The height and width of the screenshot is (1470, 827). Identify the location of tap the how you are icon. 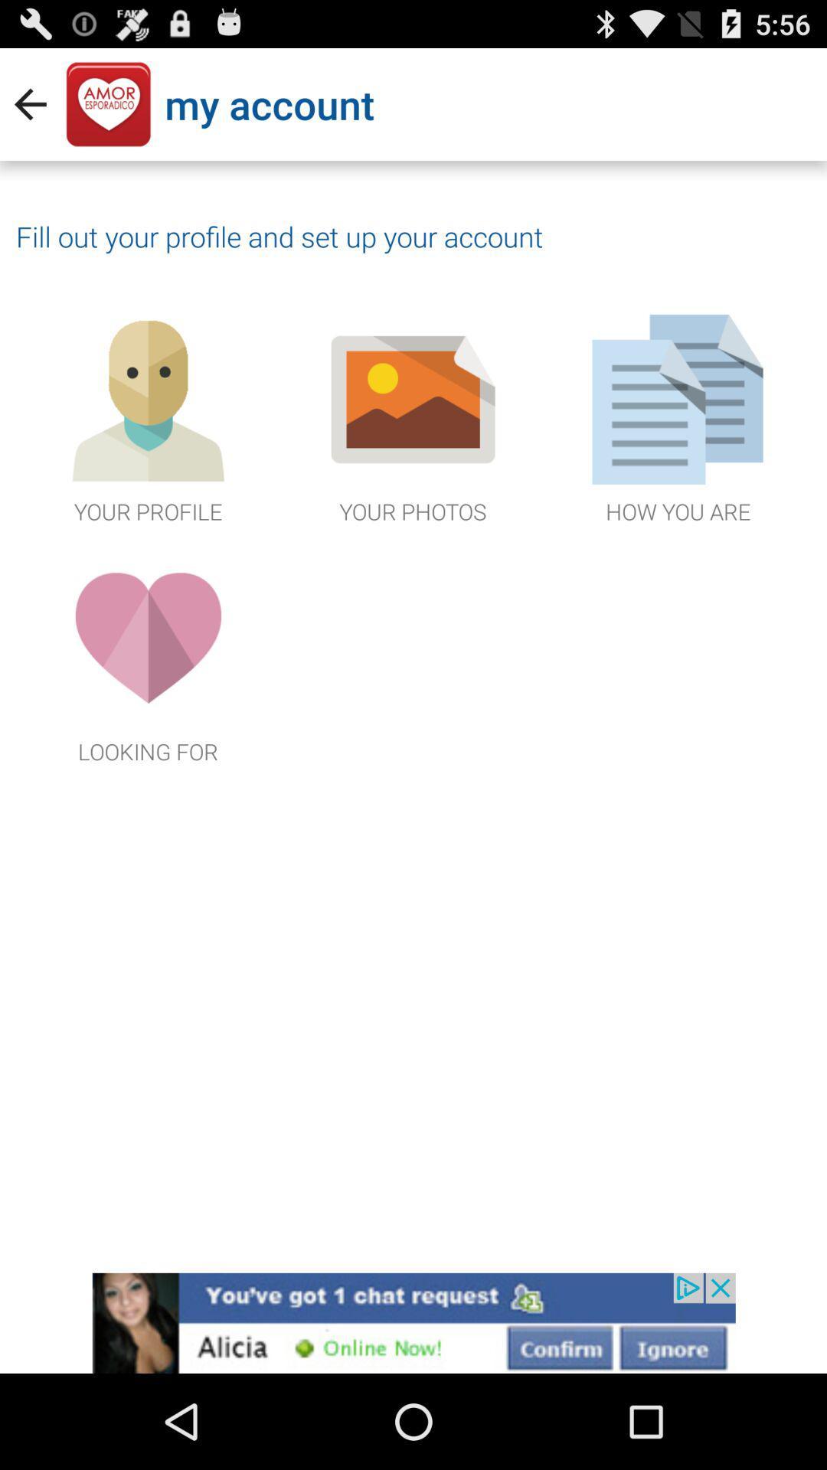
(678, 416).